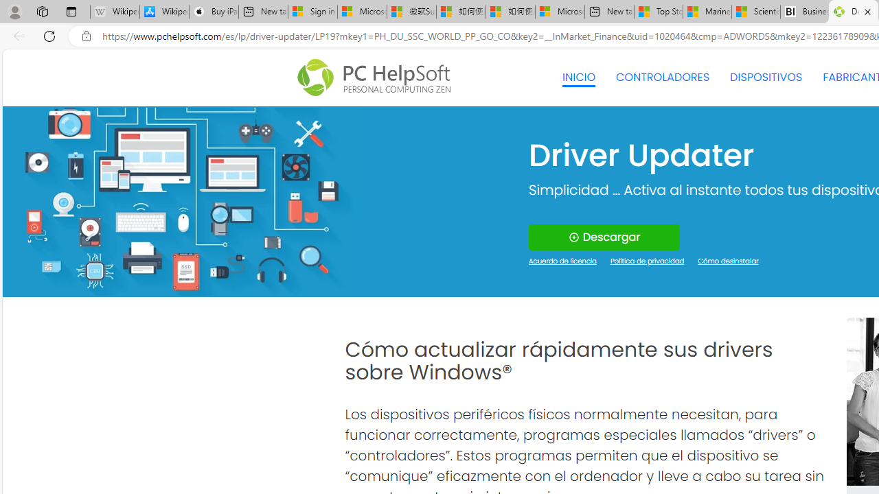  Describe the element at coordinates (765, 78) in the screenshot. I see `'DISPOSITIVOS'` at that location.